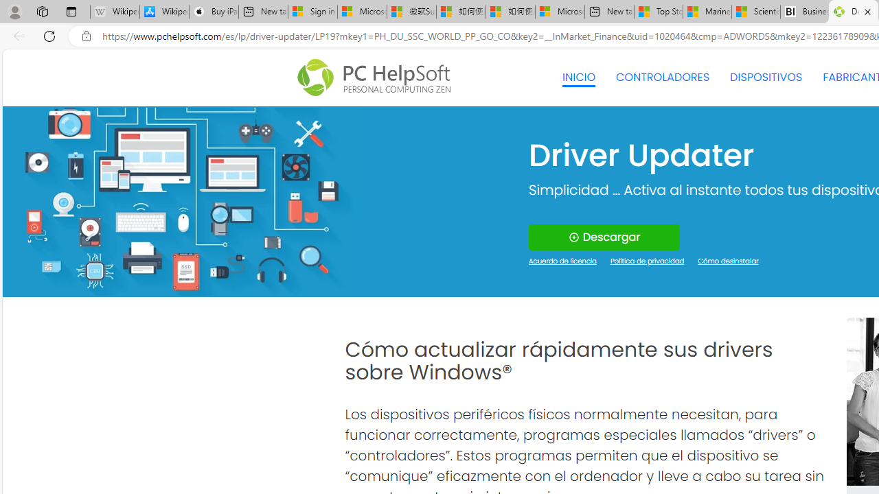  Describe the element at coordinates (765, 78) in the screenshot. I see `'DISPOSITIVOS'` at that location.